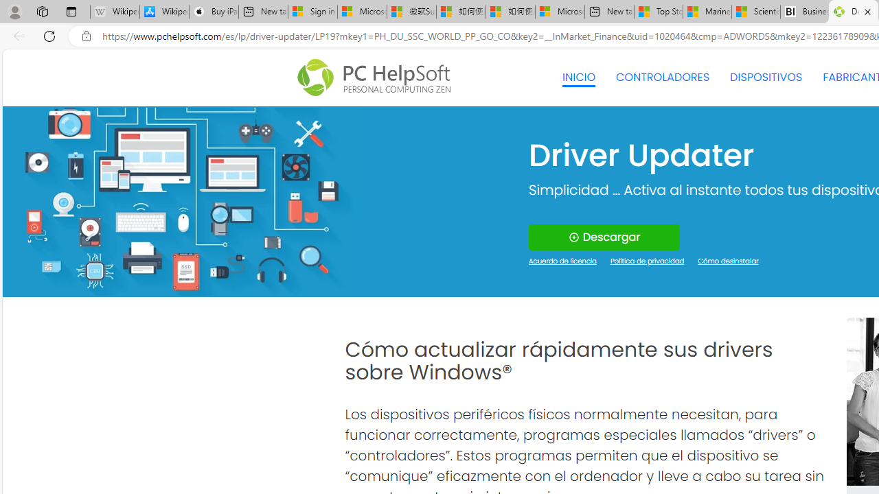  Describe the element at coordinates (765, 78) in the screenshot. I see `'DISPOSITIVOS'` at that location.